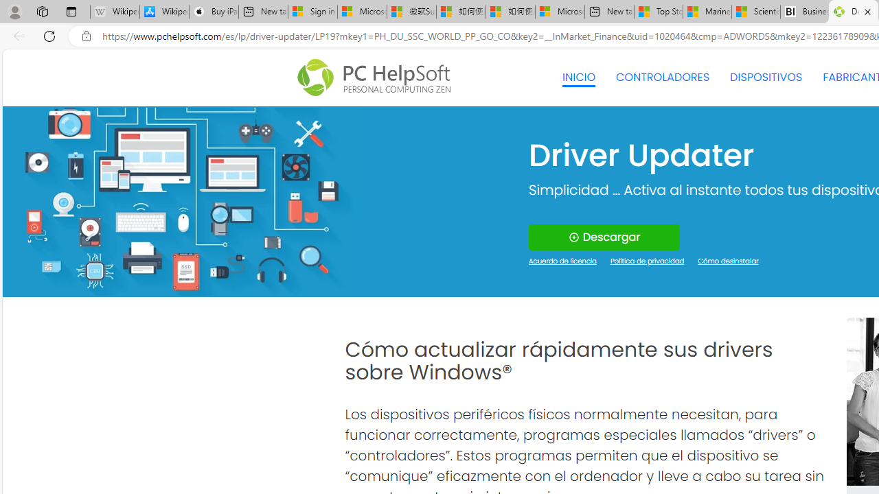  Describe the element at coordinates (765, 78) in the screenshot. I see `'DISPOSITIVOS'` at that location.